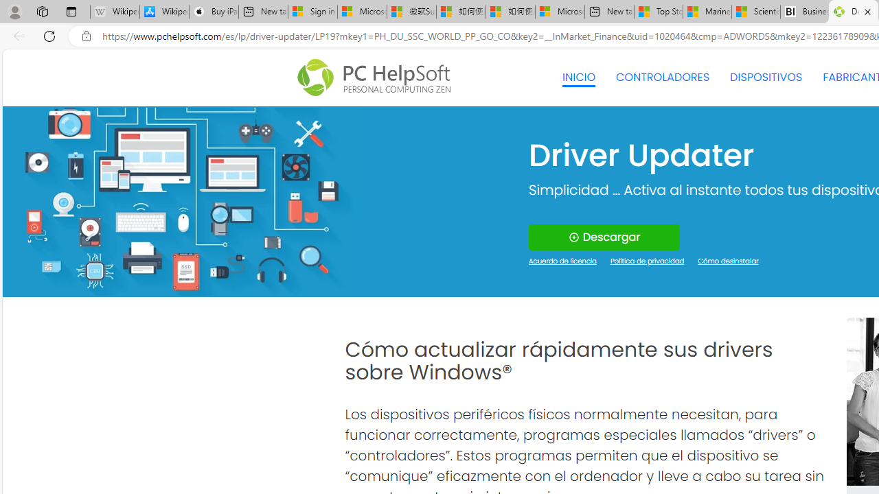  Describe the element at coordinates (765, 78) in the screenshot. I see `'DISPOSITIVOS'` at that location.